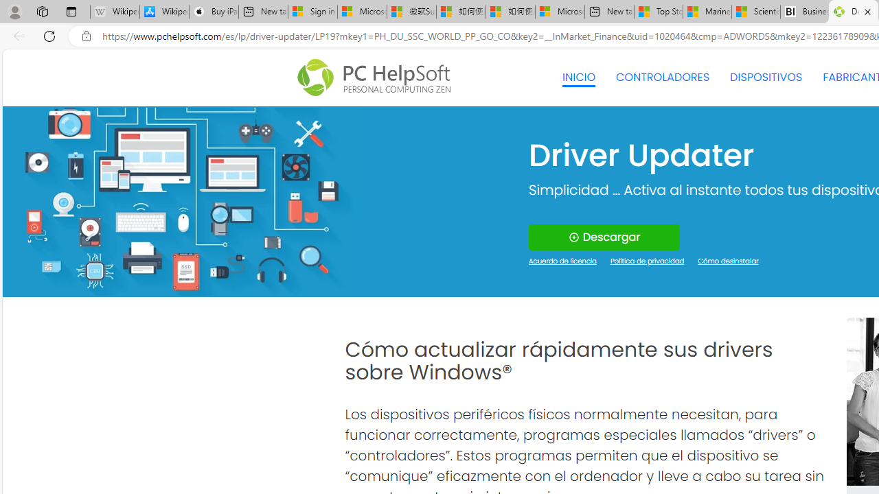  Describe the element at coordinates (765, 78) in the screenshot. I see `'DISPOSITIVOS'` at that location.